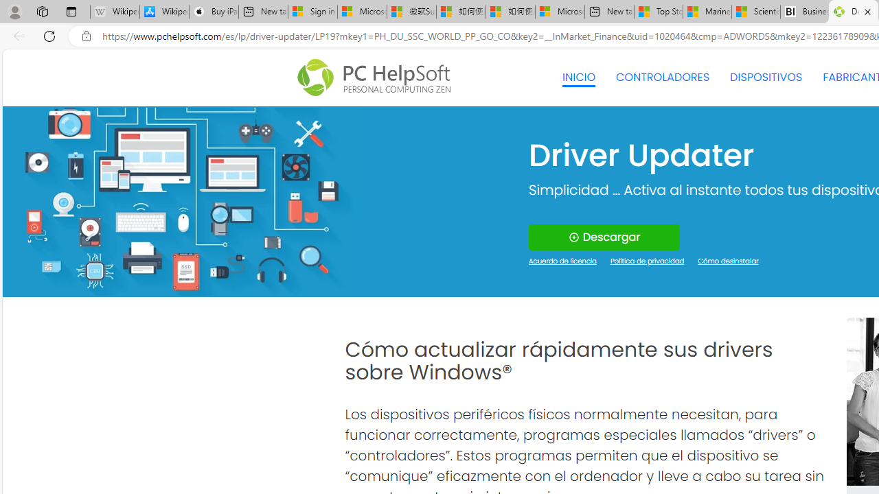  Describe the element at coordinates (765, 78) in the screenshot. I see `'DISPOSITIVOS'` at that location.